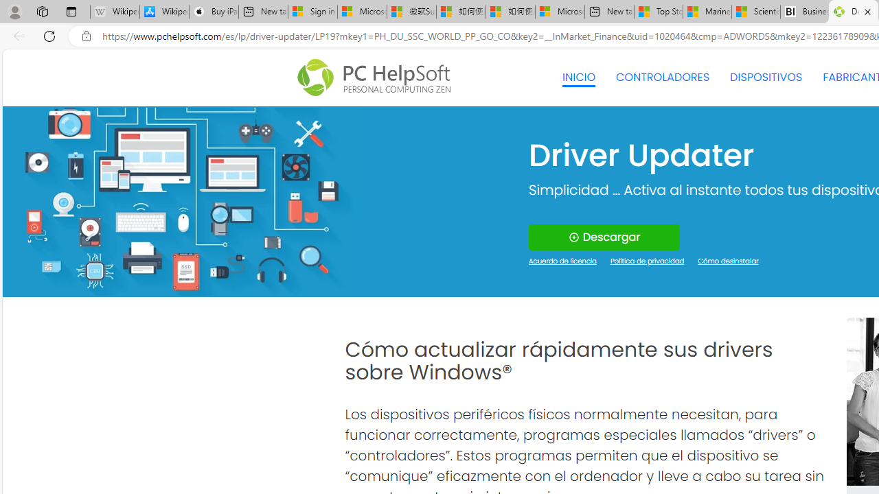  Describe the element at coordinates (765, 78) in the screenshot. I see `'DISPOSITIVOS'` at that location.